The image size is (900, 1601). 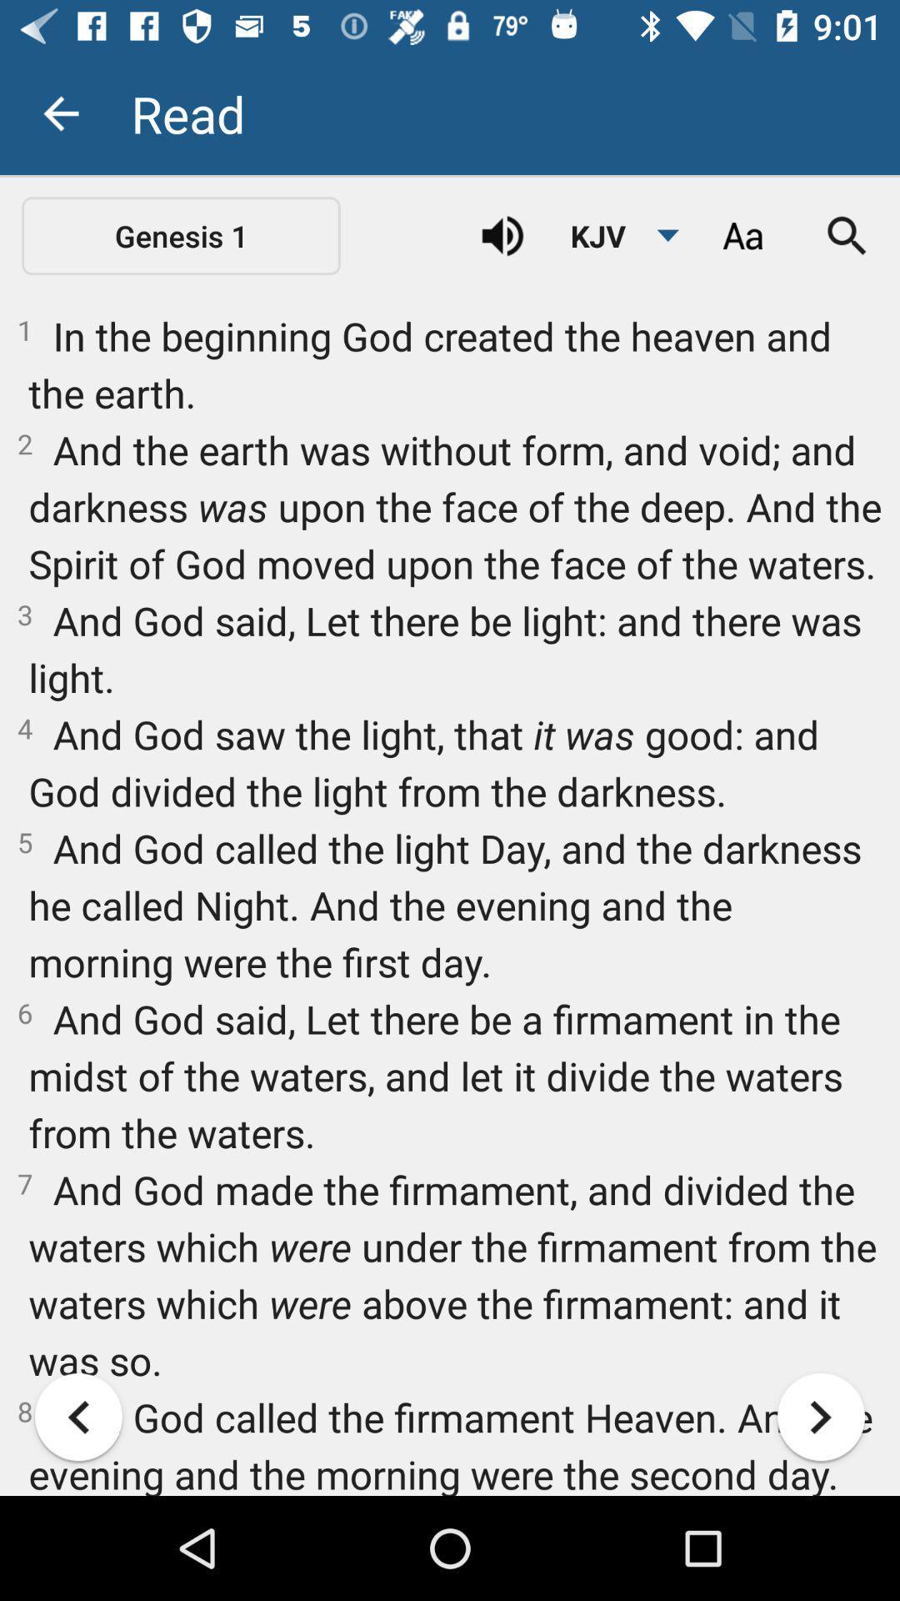 I want to click on app next to read item, so click(x=60, y=113).